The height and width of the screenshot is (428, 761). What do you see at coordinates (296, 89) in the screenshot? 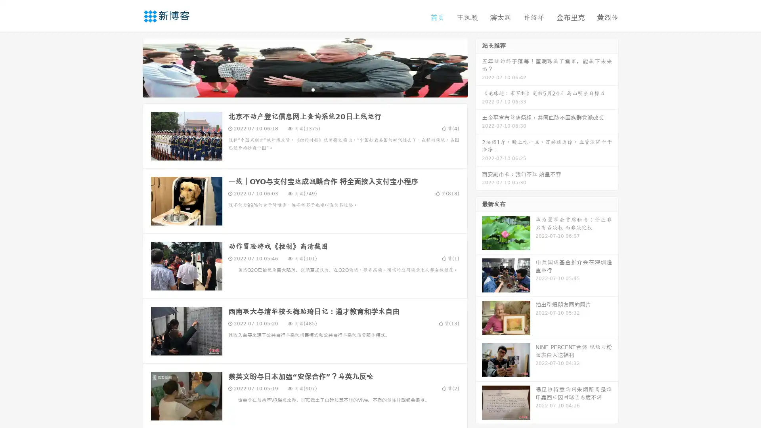
I see `Go to slide 1` at bounding box center [296, 89].